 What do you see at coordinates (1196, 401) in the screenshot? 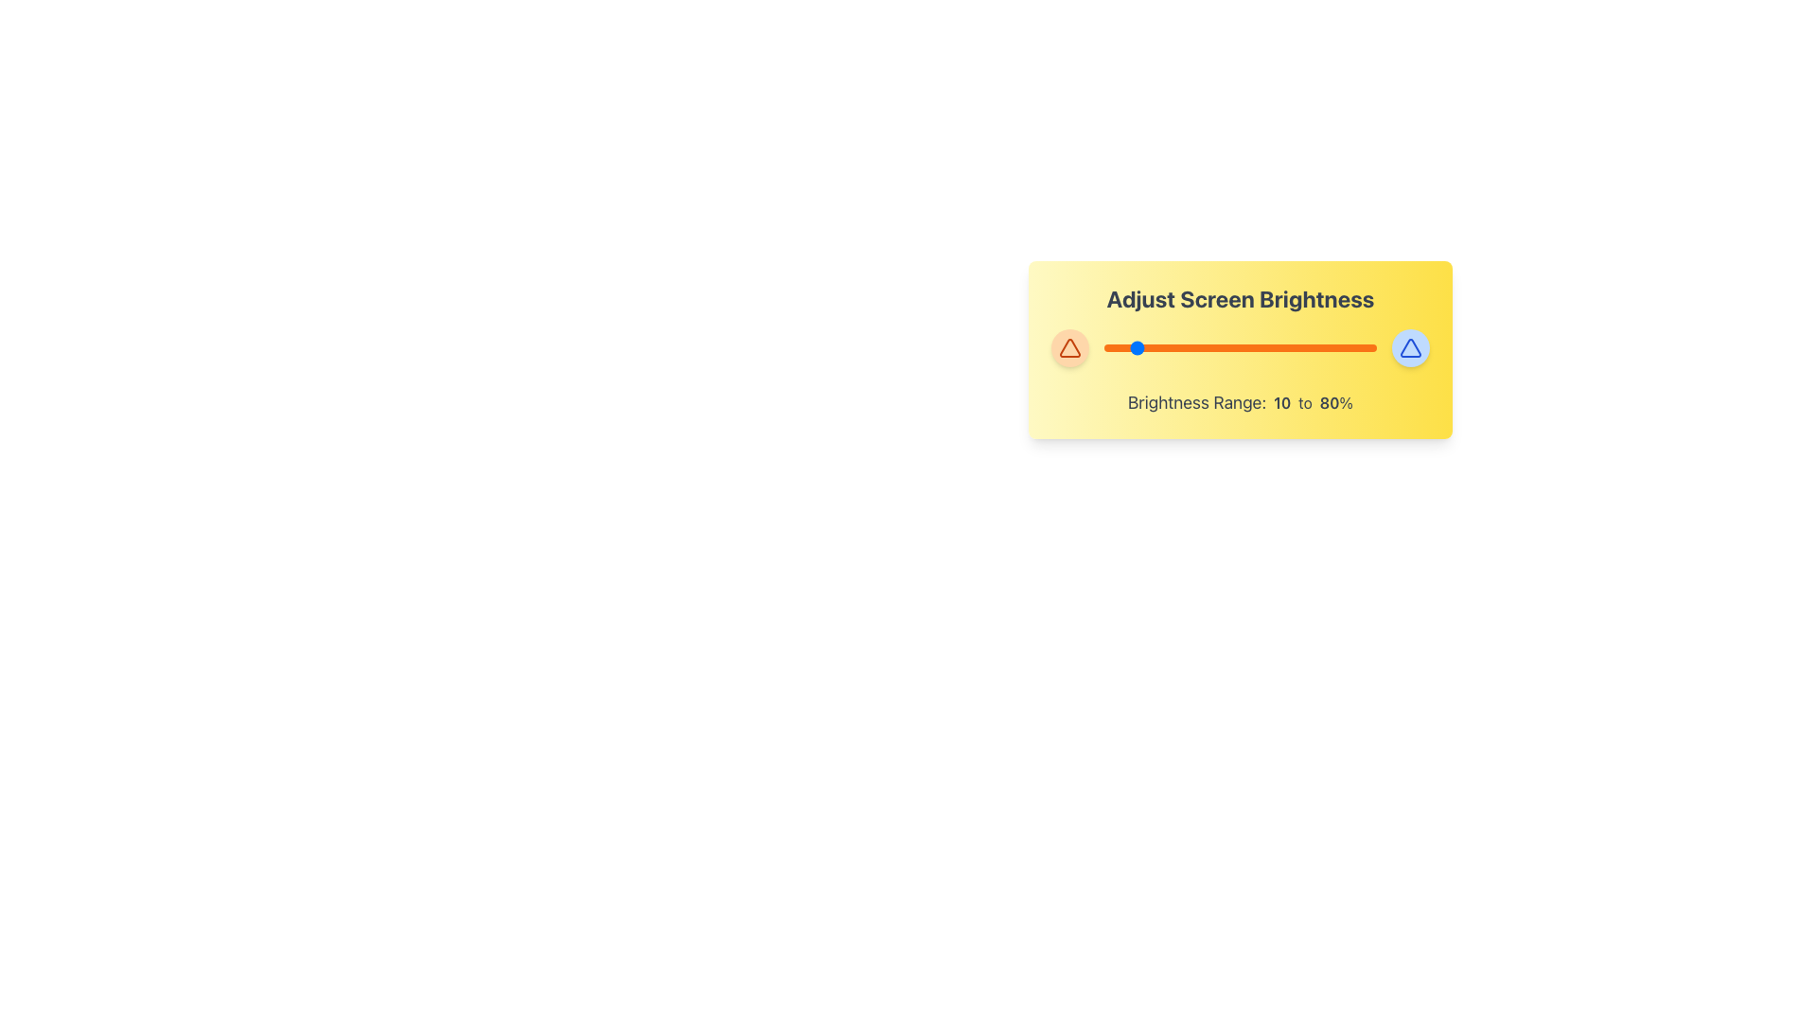
I see `the static text element that describes the brightness levels, positioned at the bottom left of the brightness adjustment interface, which includes indicators for a numerical range` at bounding box center [1196, 401].